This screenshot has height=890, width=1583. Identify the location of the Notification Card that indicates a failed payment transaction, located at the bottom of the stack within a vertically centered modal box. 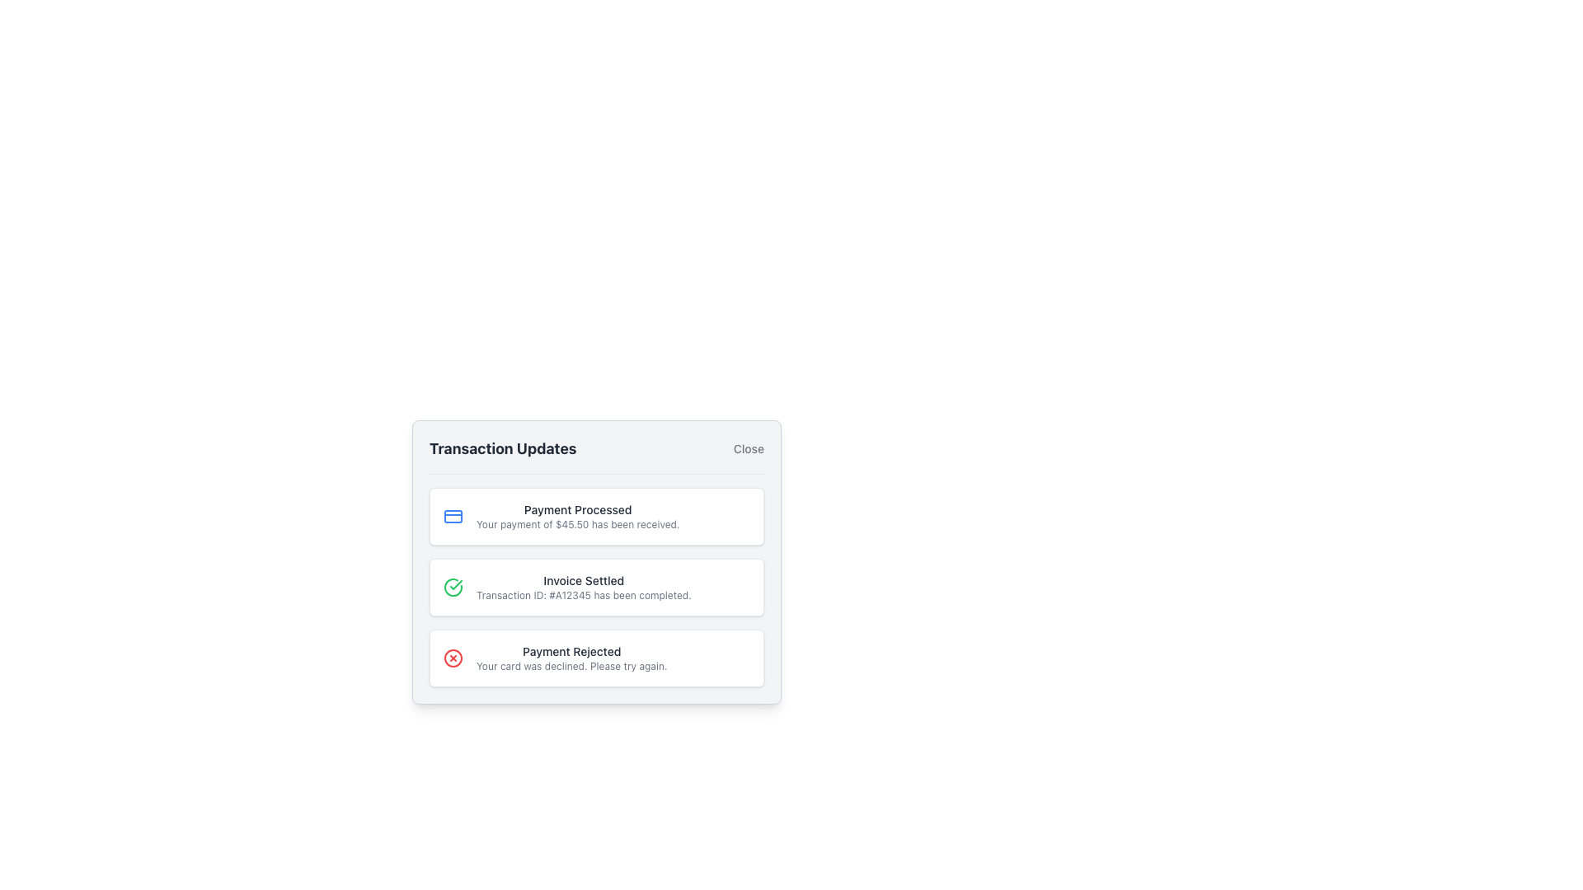
(596, 657).